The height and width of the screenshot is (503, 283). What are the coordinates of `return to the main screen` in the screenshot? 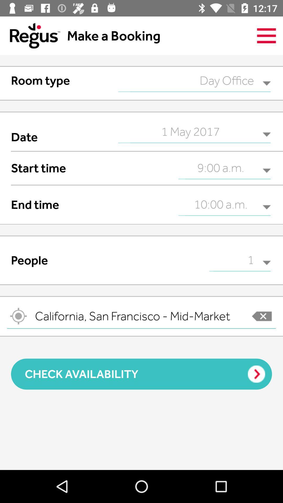 It's located at (30, 35).